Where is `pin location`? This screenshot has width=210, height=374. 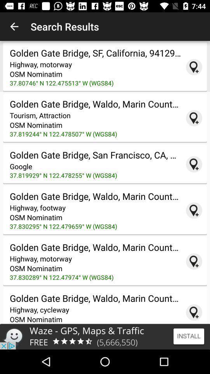
pin location is located at coordinates (194, 261).